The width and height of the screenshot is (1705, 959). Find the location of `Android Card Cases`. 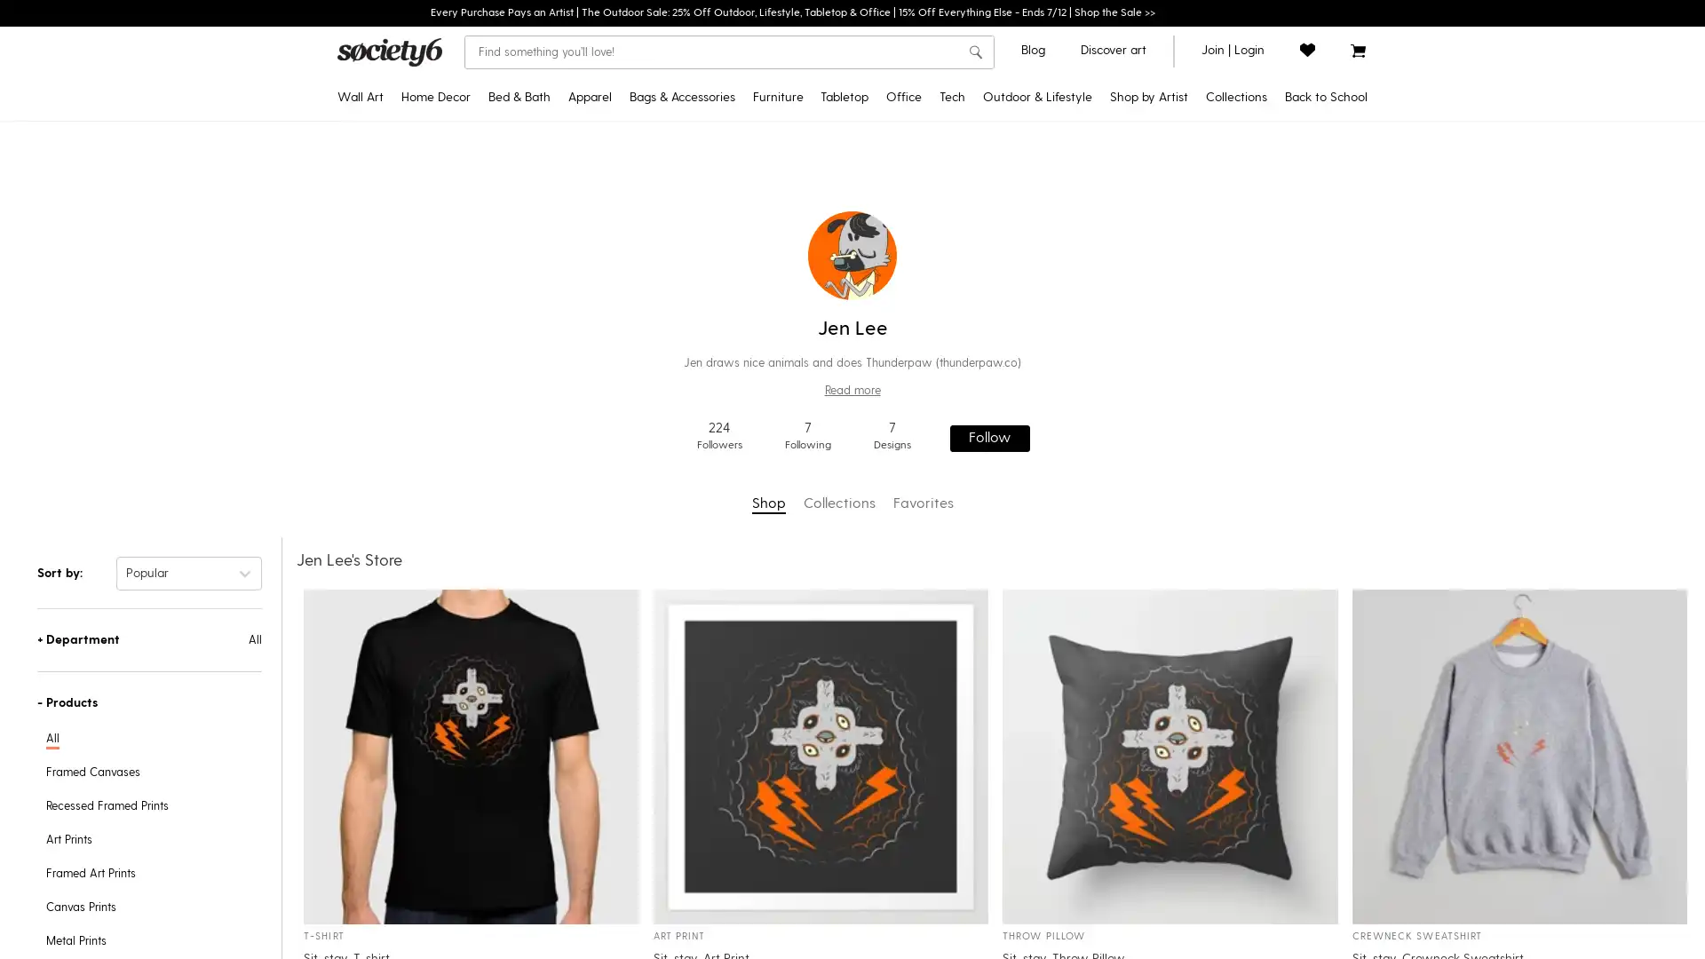

Android Card Cases is located at coordinates (1015, 284).